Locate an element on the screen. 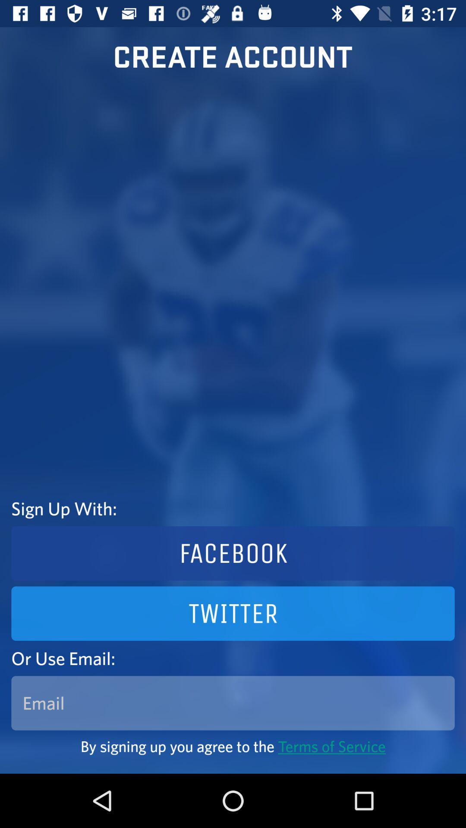 The height and width of the screenshot is (828, 466). the icon above the or use email: is located at coordinates (233, 613).